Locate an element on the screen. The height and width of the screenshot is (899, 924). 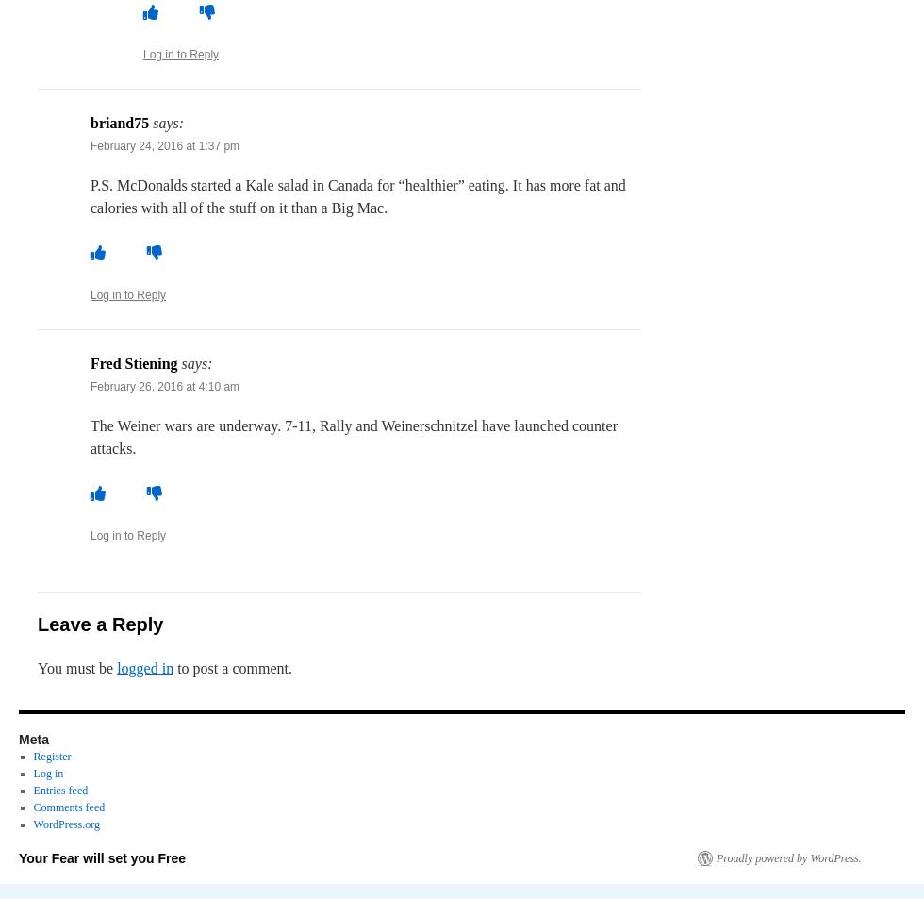
'Entries feed' is located at coordinates (58, 790).